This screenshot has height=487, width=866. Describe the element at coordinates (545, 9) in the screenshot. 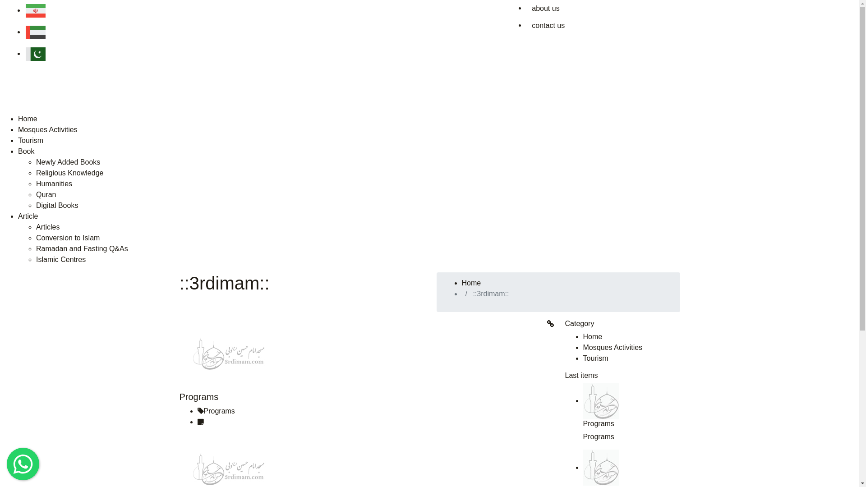

I see `'about us'` at that location.